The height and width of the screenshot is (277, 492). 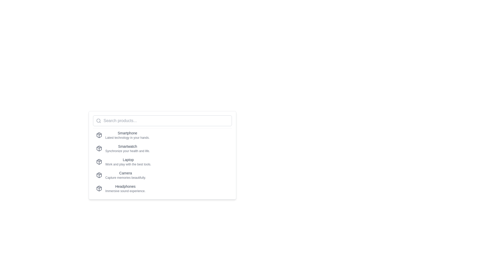 What do you see at coordinates (126, 177) in the screenshot?
I see `the descriptive text element located below the 'Camera' heading in the vertical list, which provides additional information about the camera features` at bounding box center [126, 177].